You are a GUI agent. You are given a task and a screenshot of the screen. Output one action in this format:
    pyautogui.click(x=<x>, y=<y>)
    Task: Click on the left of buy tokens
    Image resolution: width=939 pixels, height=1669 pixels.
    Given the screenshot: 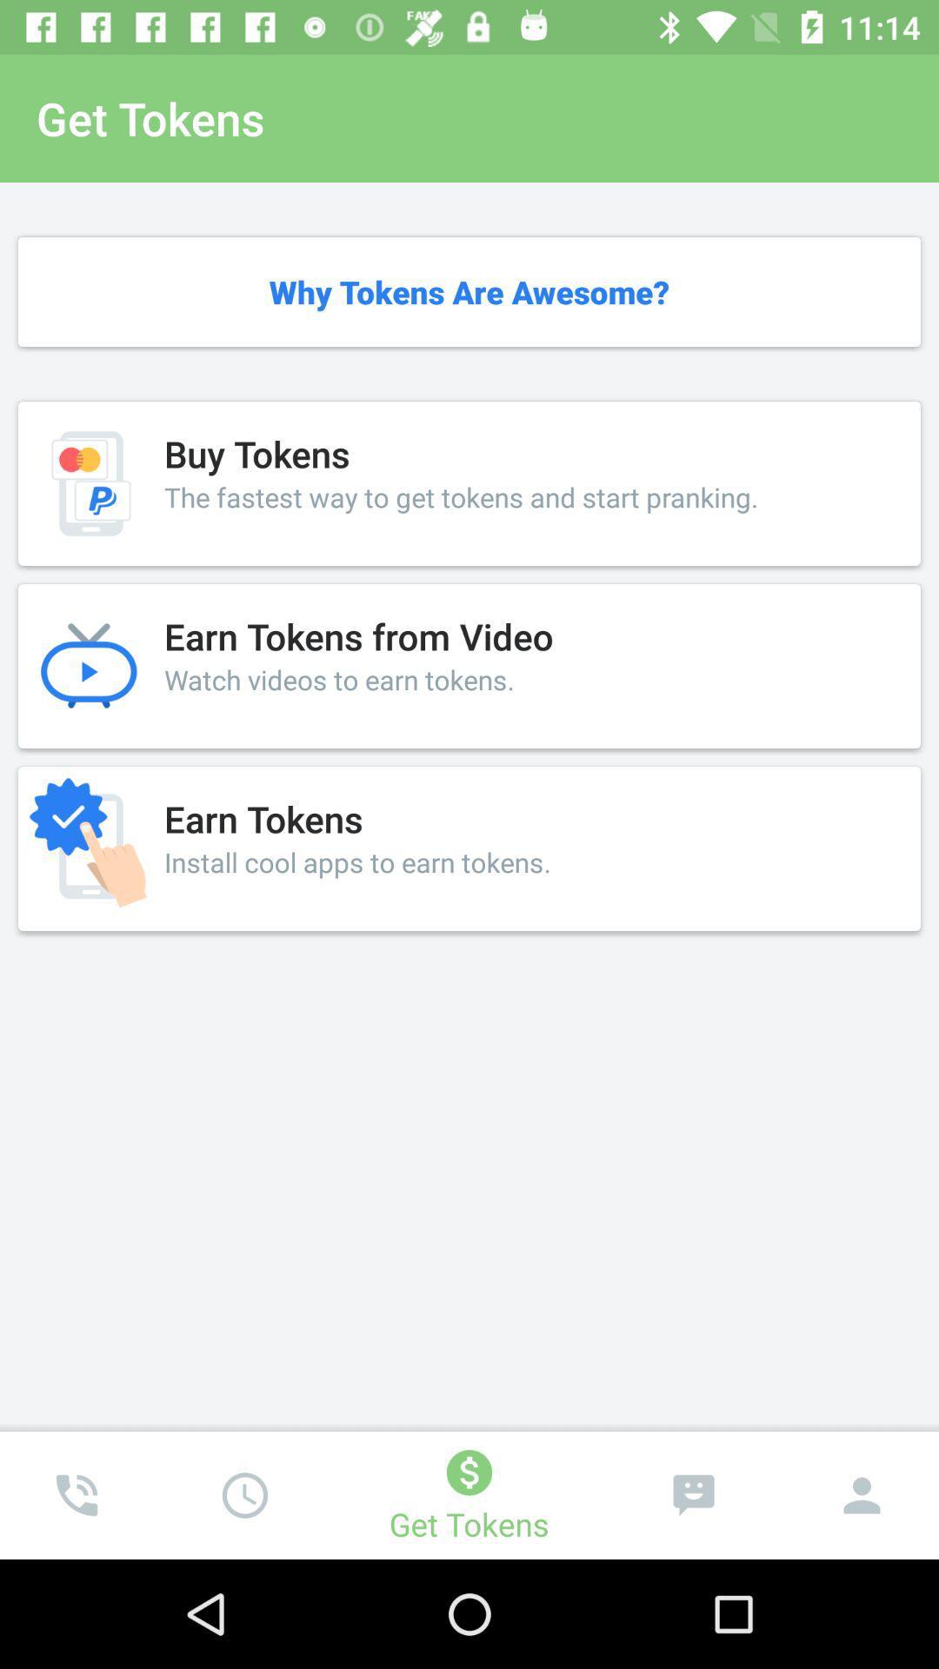 What is the action you would take?
    pyautogui.click(x=90, y=483)
    